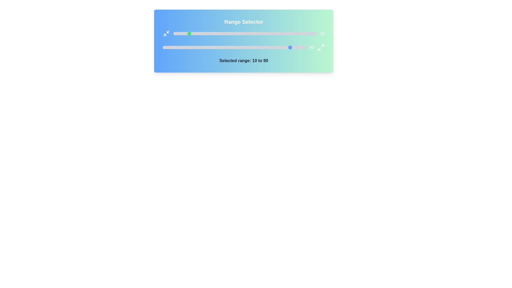 This screenshot has width=512, height=288. I want to click on the slider value, so click(184, 47).